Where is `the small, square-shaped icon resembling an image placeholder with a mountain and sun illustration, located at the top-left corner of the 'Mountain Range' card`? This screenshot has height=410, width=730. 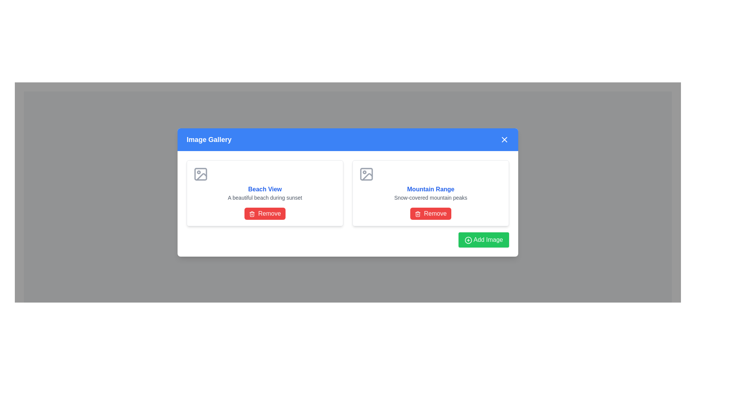
the small, square-shaped icon resembling an image placeholder with a mountain and sun illustration, located at the top-left corner of the 'Mountain Range' card is located at coordinates (367, 174).